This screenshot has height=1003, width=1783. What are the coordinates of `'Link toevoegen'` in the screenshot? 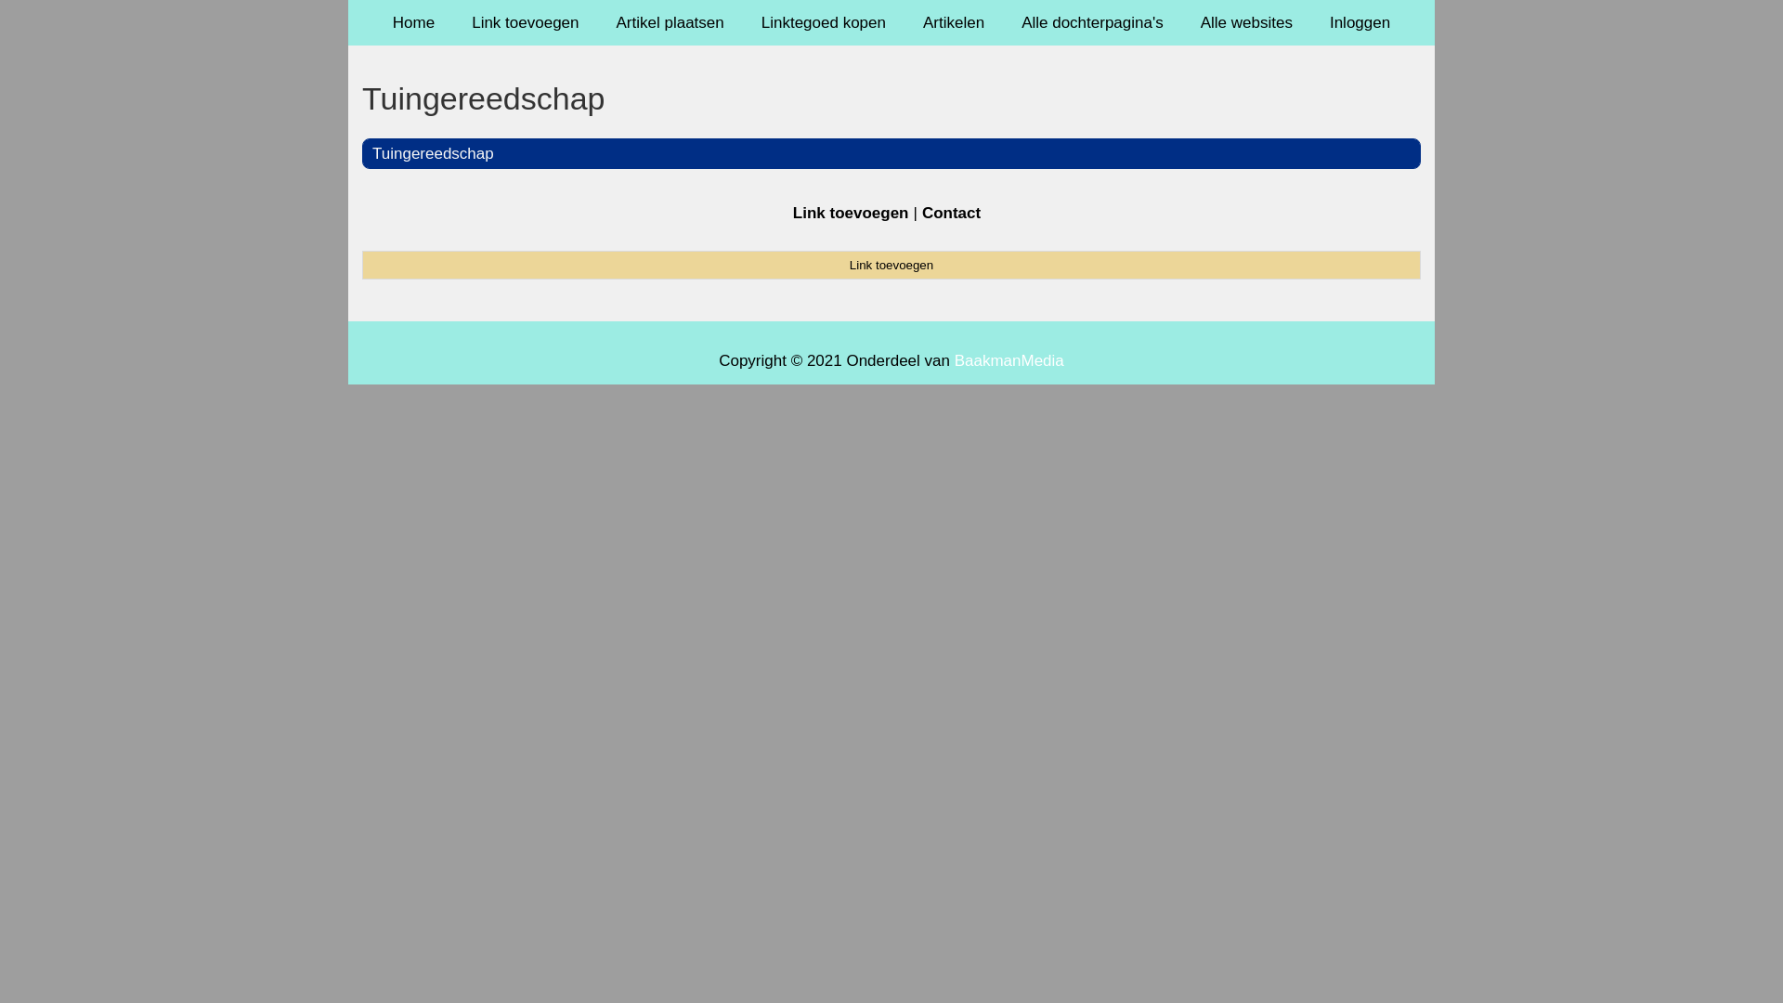 It's located at (850, 212).